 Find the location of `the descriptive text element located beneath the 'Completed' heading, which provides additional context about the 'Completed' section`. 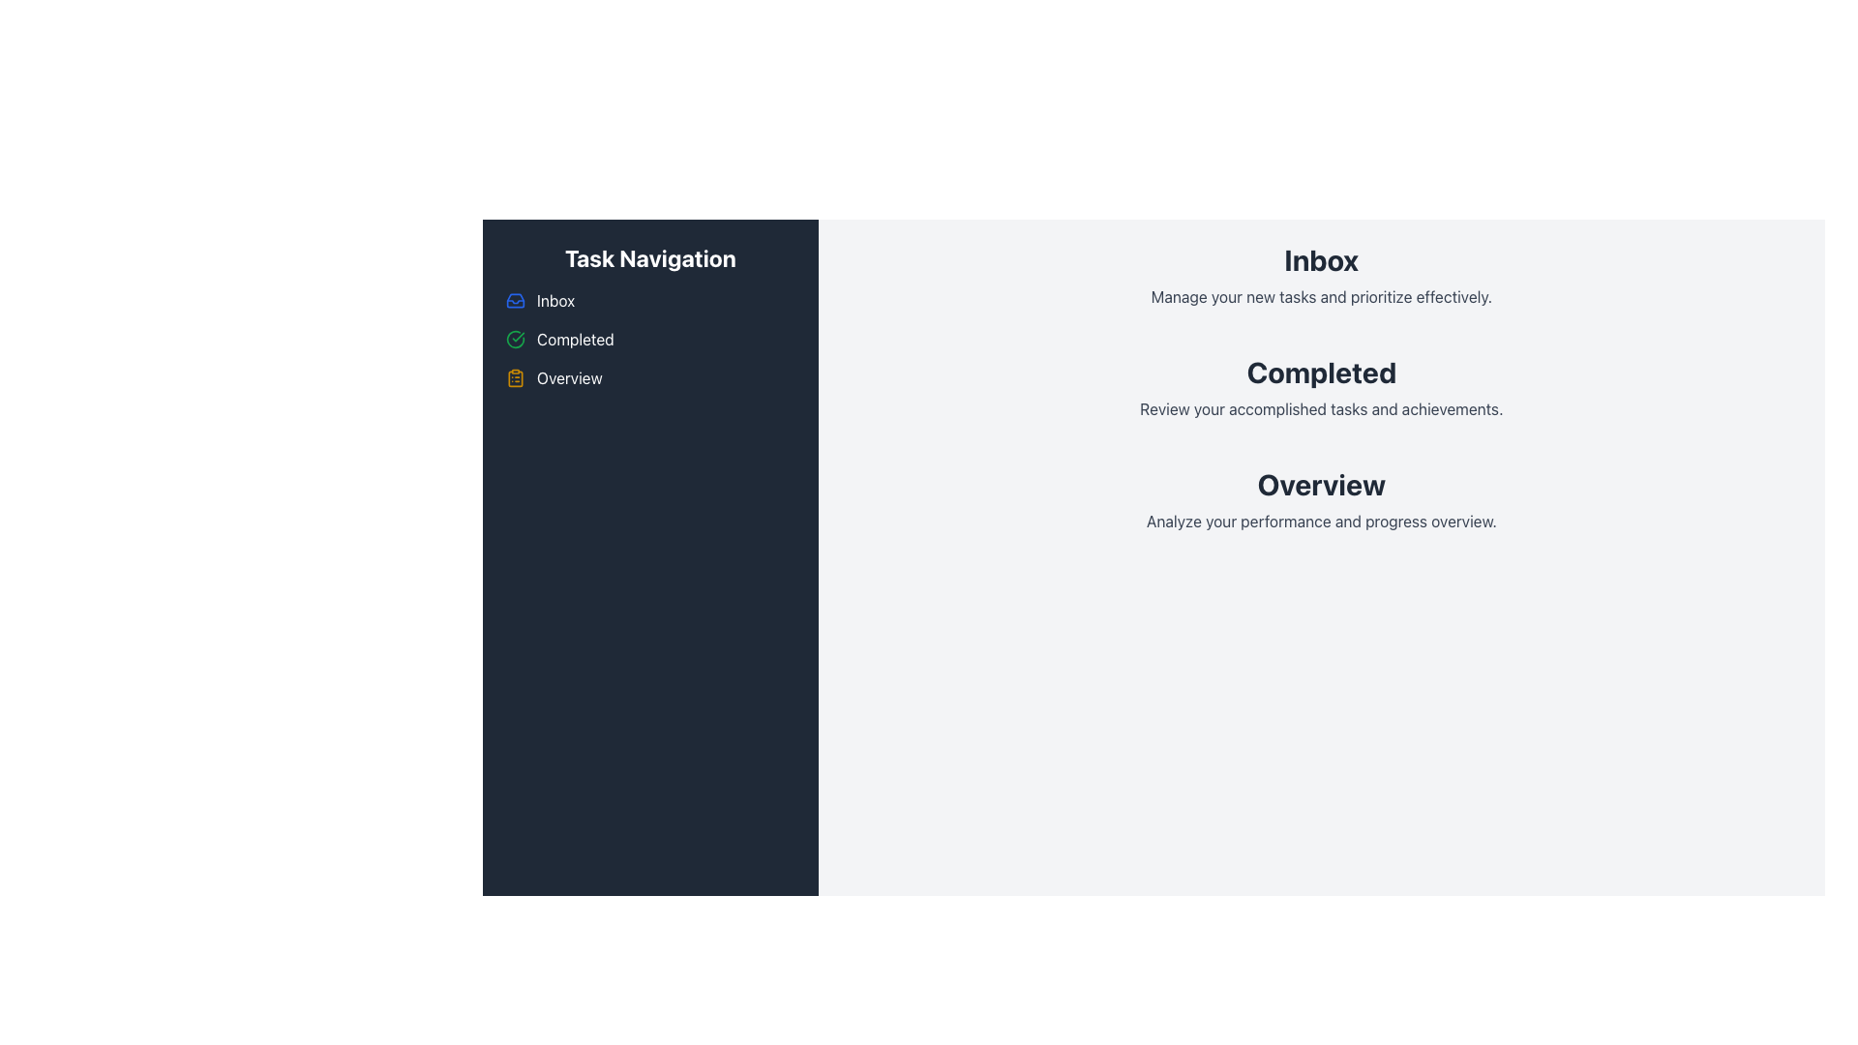

the descriptive text element located beneath the 'Completed' heading, which provides additional context about the 'Completed' section is located at coordinates (1320, 408).